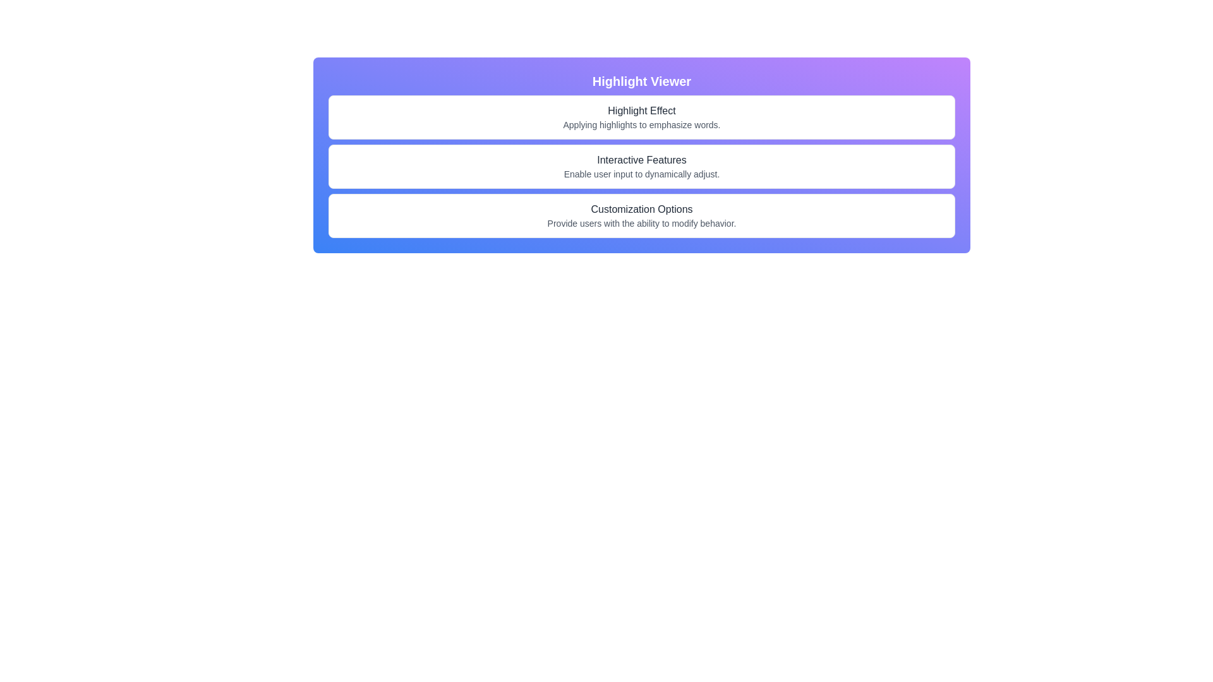  What do you see at coordinates (606, 208) in the screenshot?
I see `the red letter 's' in 'Customization Options' to trigger the underline effect` at bounding box center [606, 208].